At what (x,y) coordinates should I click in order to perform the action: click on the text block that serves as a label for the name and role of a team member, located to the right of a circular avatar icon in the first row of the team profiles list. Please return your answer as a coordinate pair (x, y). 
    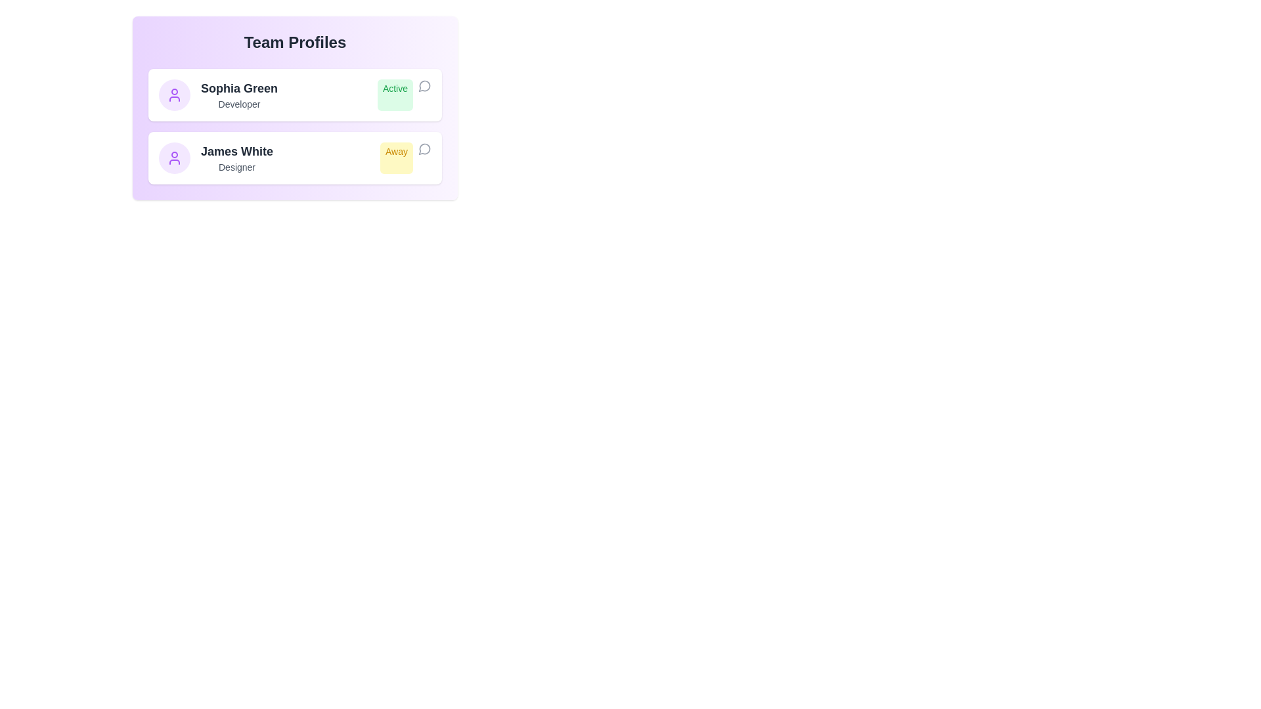
    Looking at the image, I should click on (239, 95).